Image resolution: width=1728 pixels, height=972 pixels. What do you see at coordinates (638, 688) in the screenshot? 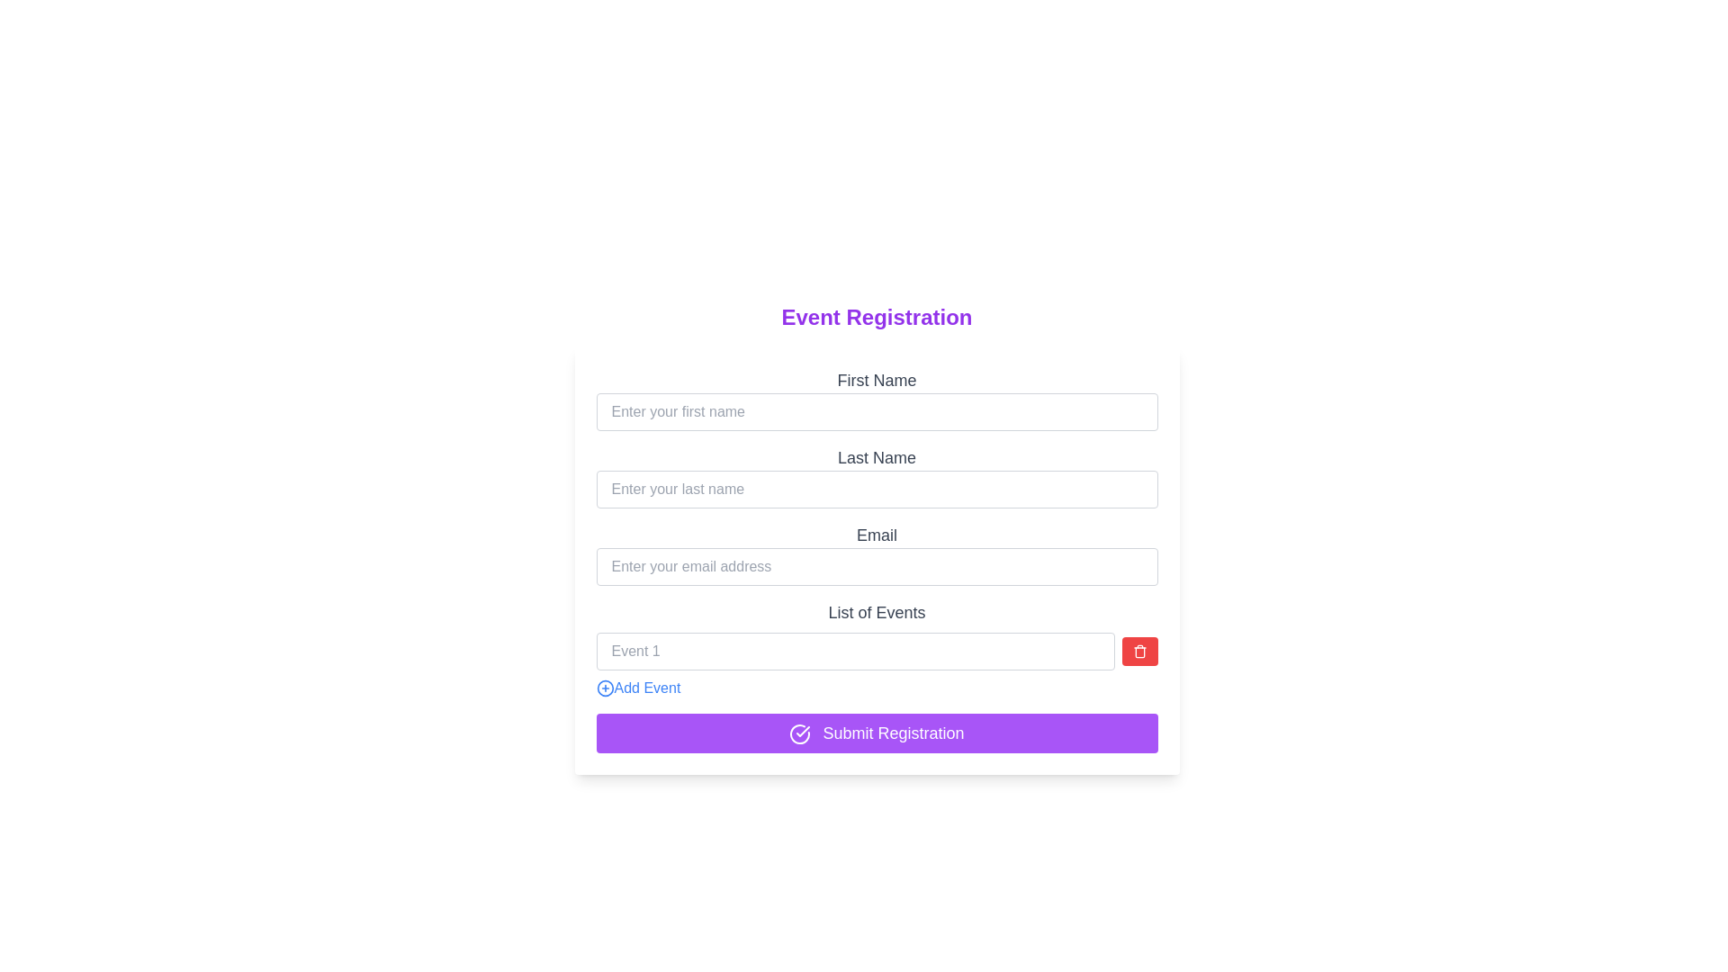
I see `the 'Add Event' button, which is styled with blue text and a plus sign icon, located below the 'Event 1' input field` at bounding box center [638, 688].